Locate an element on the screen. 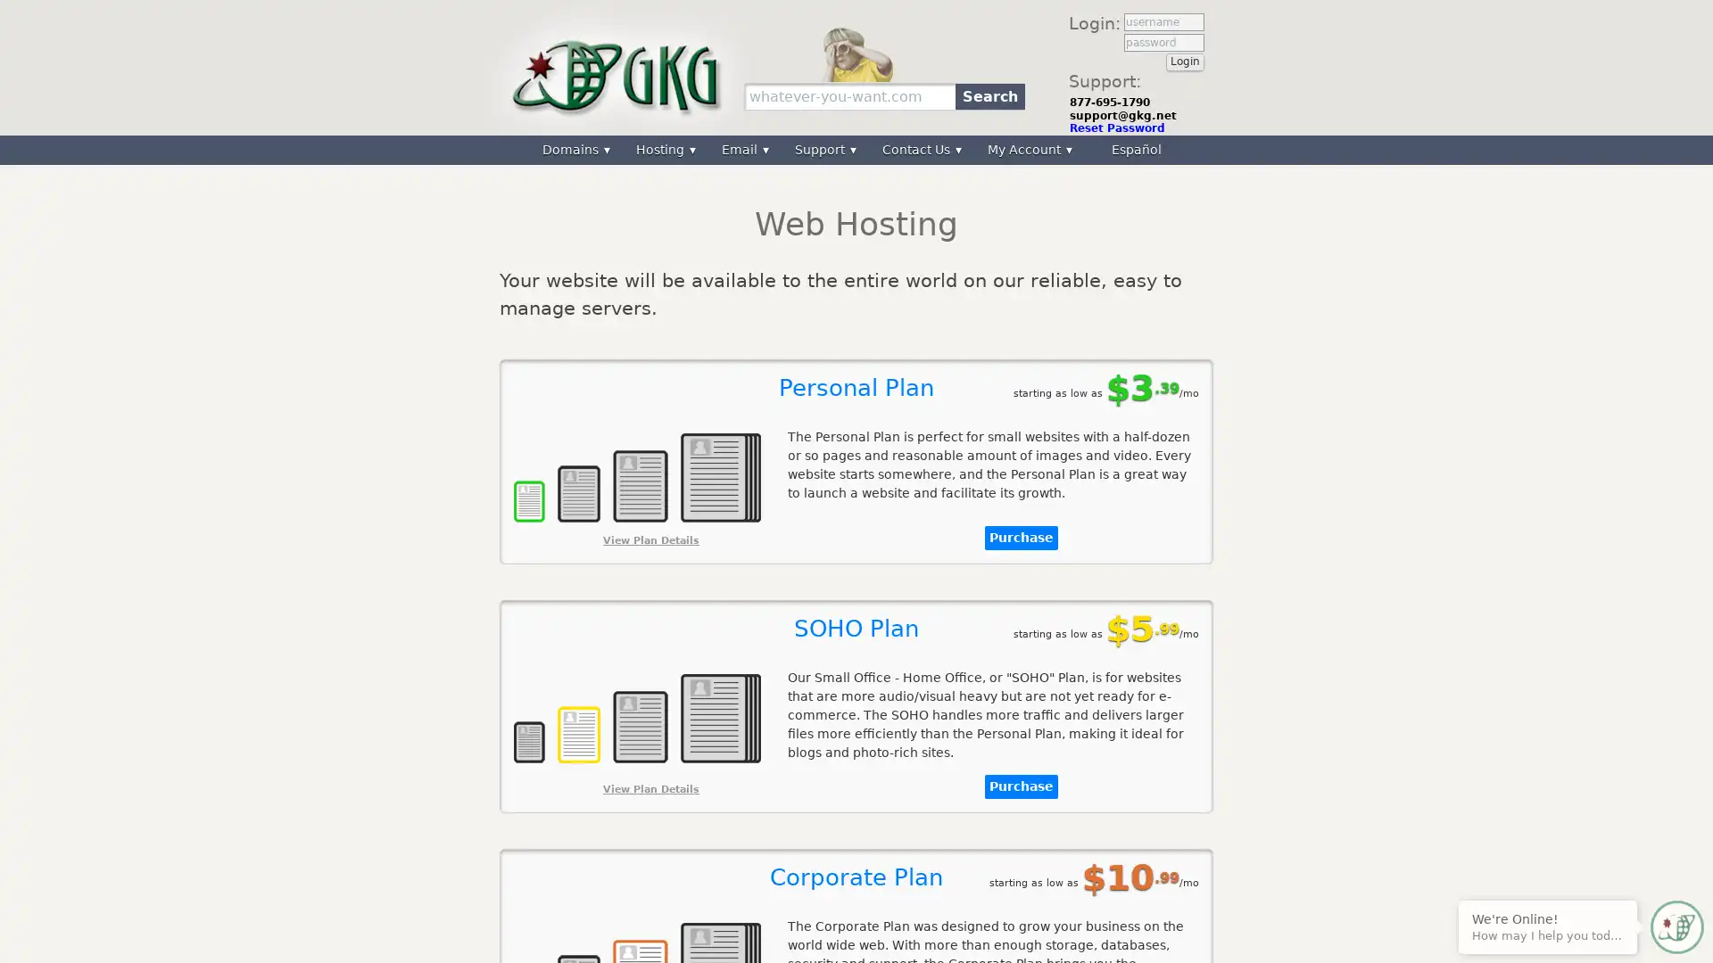 This screenshot has height=963, width=1713. Login is located at coordinates (1185, 61).